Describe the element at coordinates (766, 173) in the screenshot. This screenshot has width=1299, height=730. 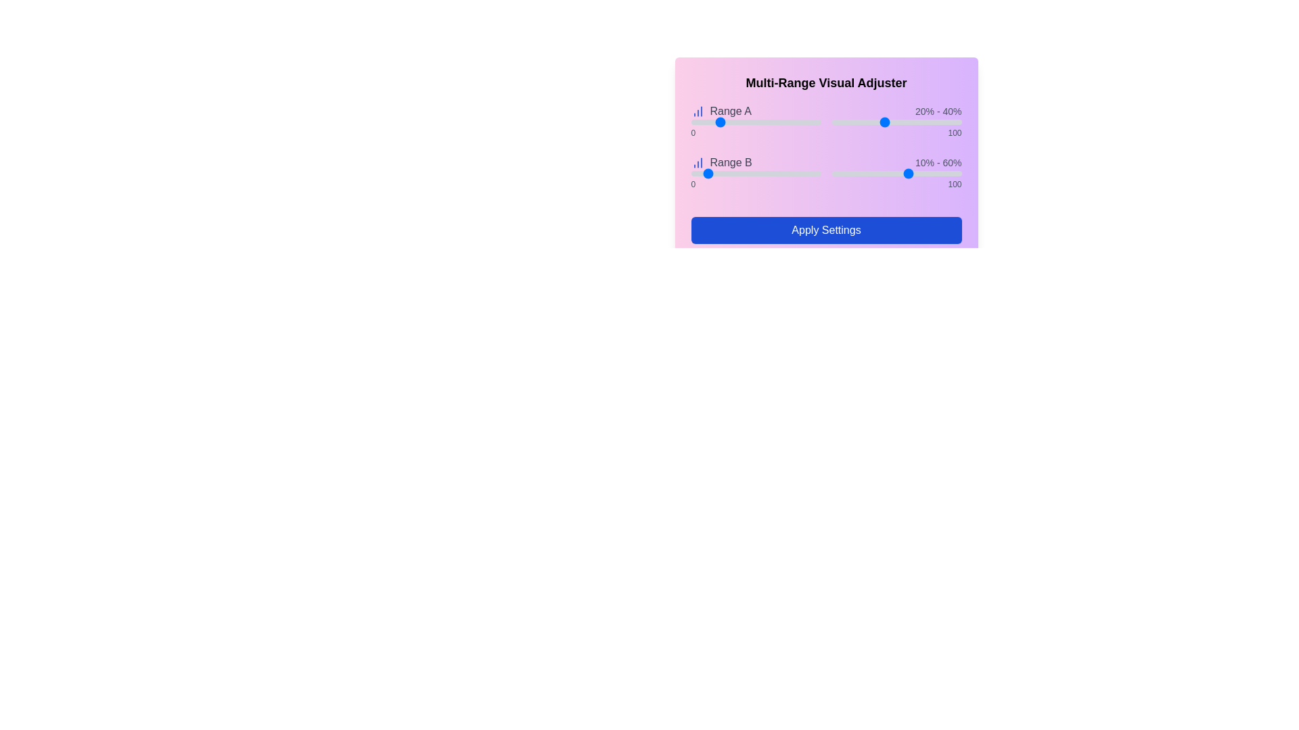
I see `the Range B slider position` at that location.